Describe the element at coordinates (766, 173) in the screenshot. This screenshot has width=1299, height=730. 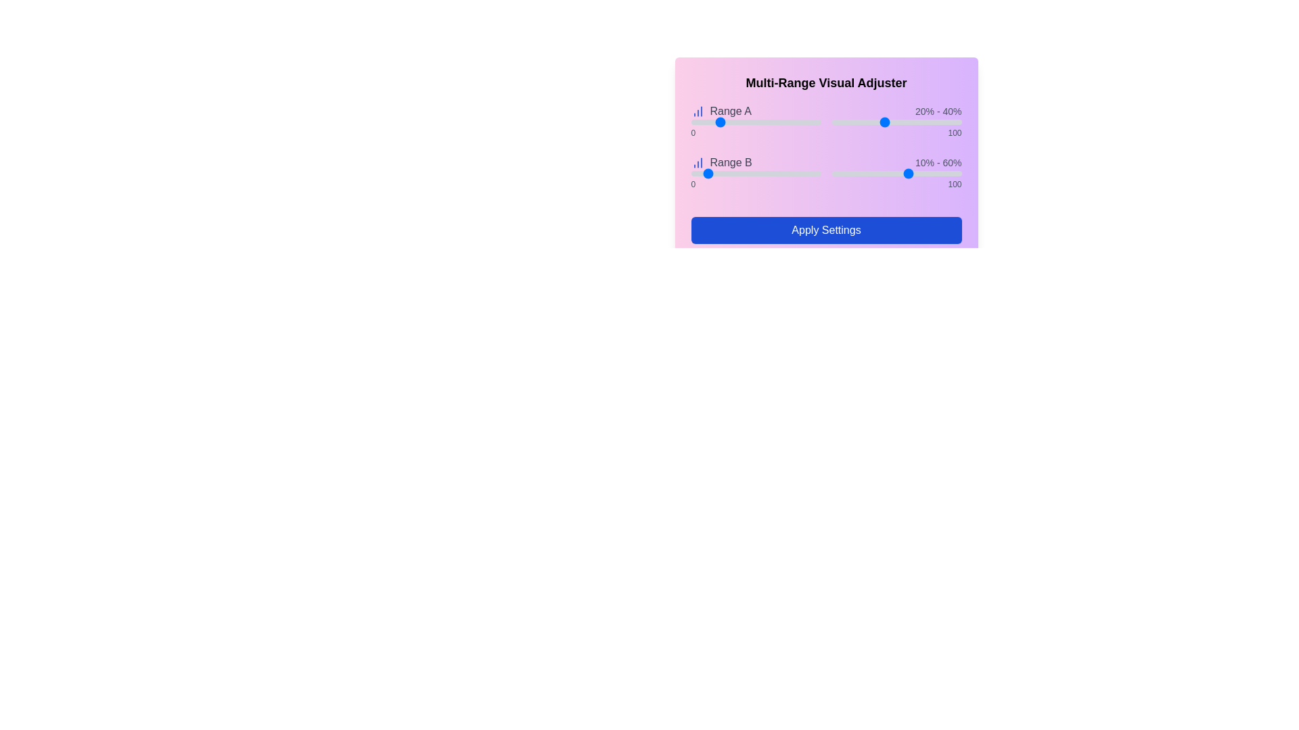
I see `the Range B slider position` at that location.